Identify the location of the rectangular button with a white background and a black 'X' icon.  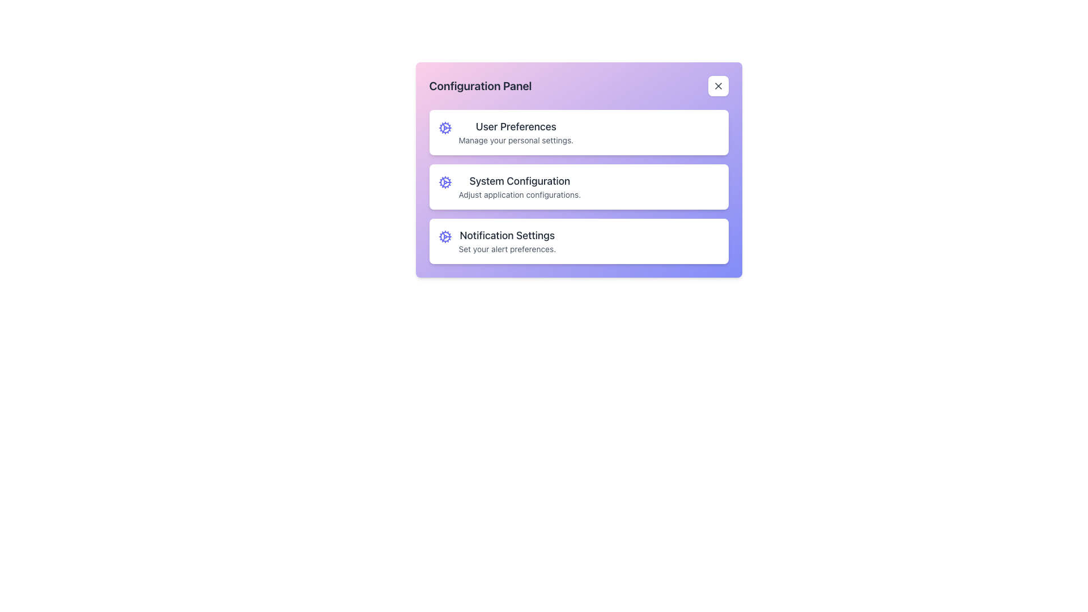
(717, 85).